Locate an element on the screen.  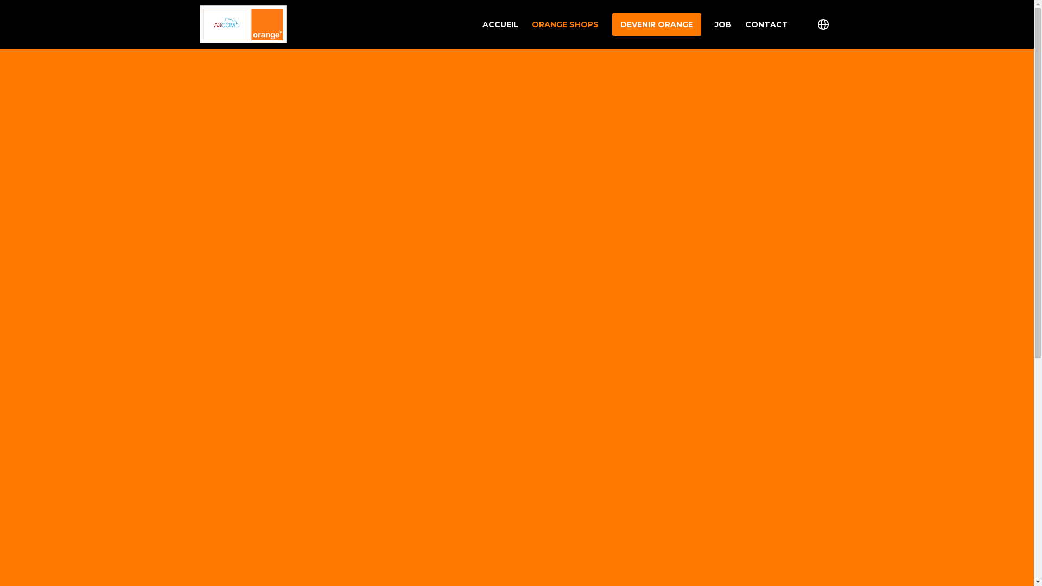
'ACCUEIL' is located at coordinates (493, 24).